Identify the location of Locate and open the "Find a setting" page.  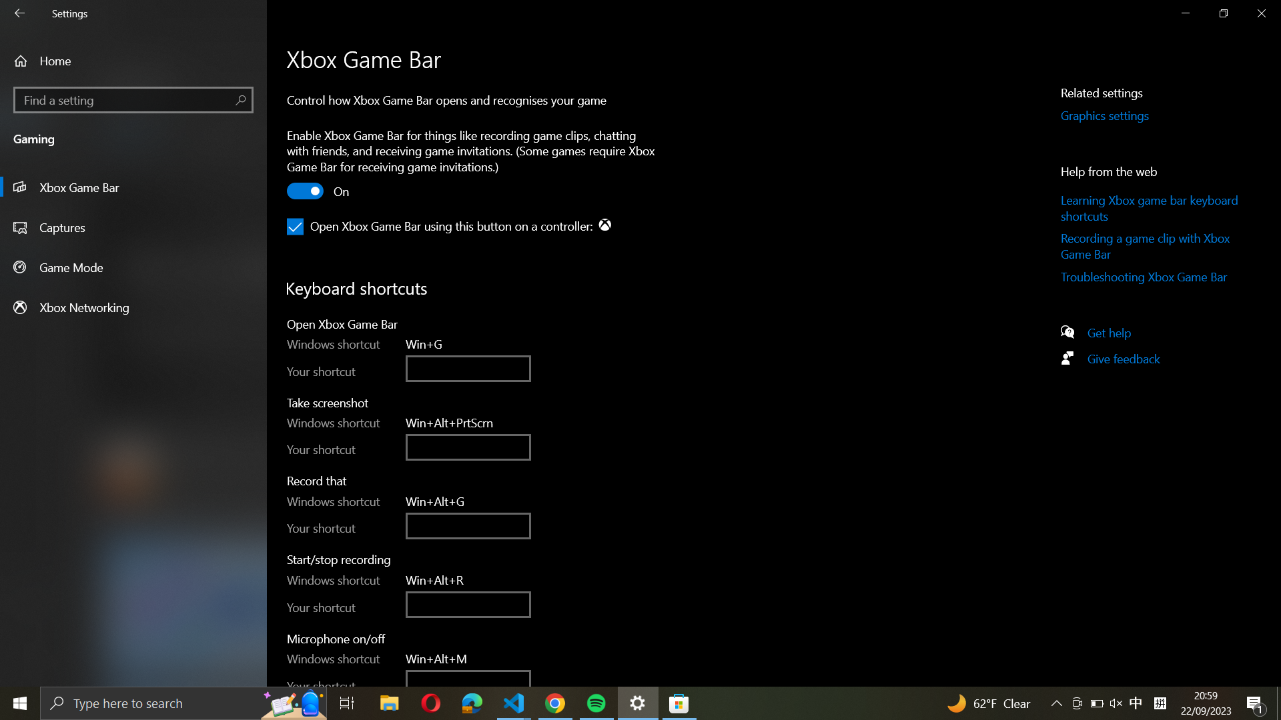
(133, 99).